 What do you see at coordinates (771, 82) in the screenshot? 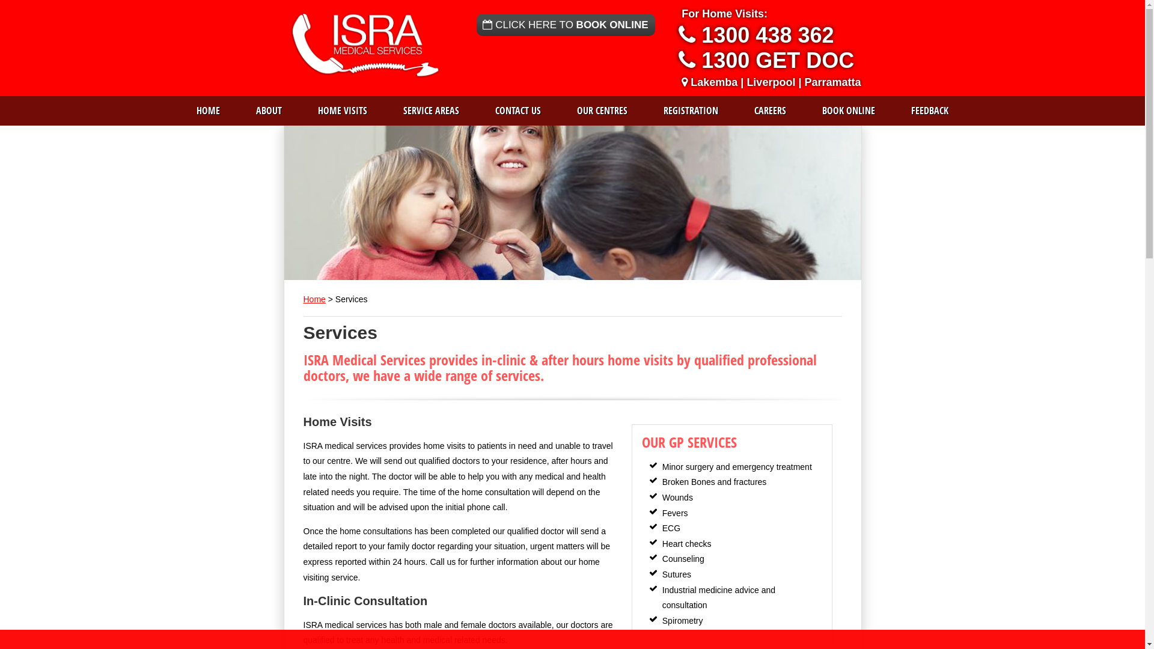
I see `'Liverpool'` at bounding box center [771, 82].